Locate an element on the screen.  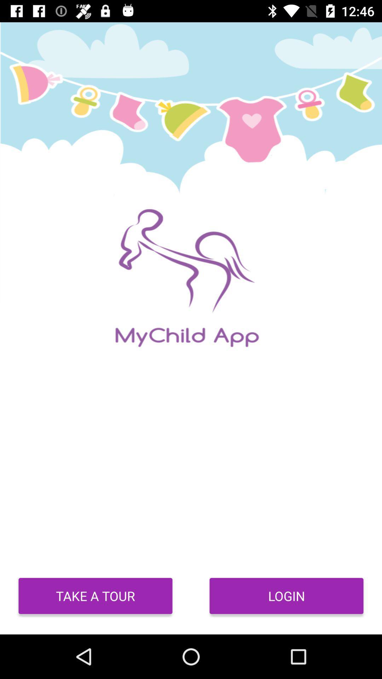
the icon to the right of the take a tour icon is located at coordinates (286, 596).